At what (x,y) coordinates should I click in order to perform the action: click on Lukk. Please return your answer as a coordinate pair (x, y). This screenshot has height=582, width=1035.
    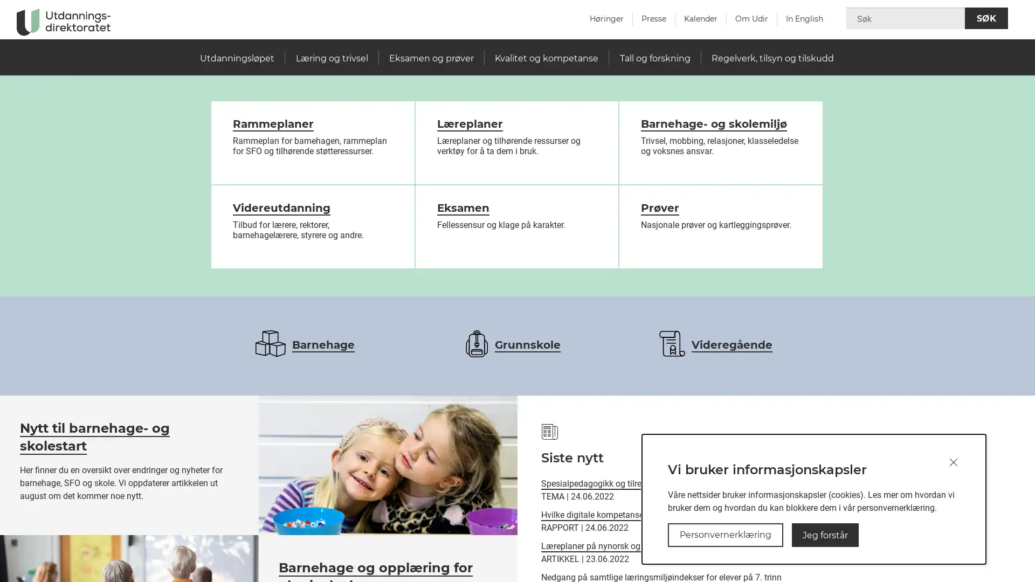
    Looking at the image, I should click on (954, 462).